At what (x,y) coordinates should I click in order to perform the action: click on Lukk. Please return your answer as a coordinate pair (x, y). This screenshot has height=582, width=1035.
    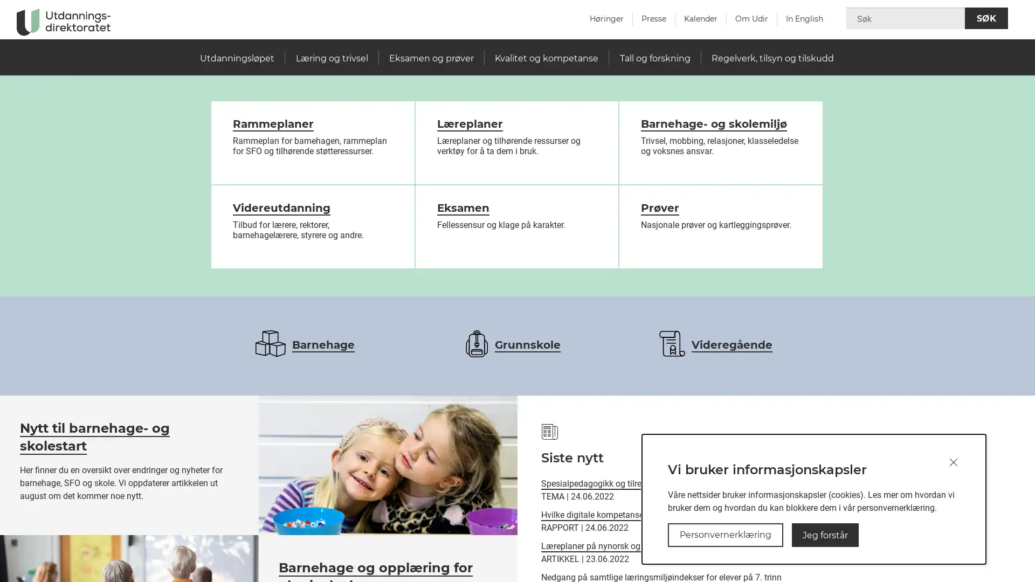
    Looking at the image, I should click on (954, 462).